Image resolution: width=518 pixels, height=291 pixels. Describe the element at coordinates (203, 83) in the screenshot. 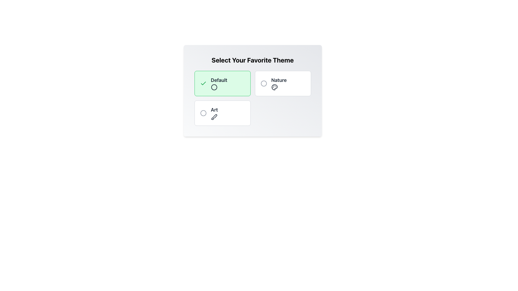

I see `the 'Default' radio button icon which indicates that the 'Default' option is currently selected` at that location.